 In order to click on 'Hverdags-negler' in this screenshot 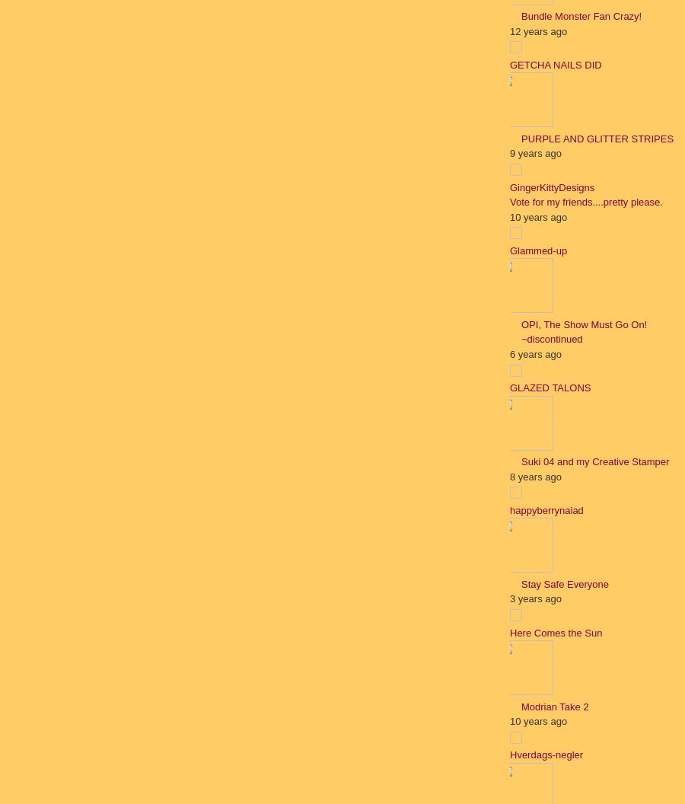, I will do `click(546, 754)`.